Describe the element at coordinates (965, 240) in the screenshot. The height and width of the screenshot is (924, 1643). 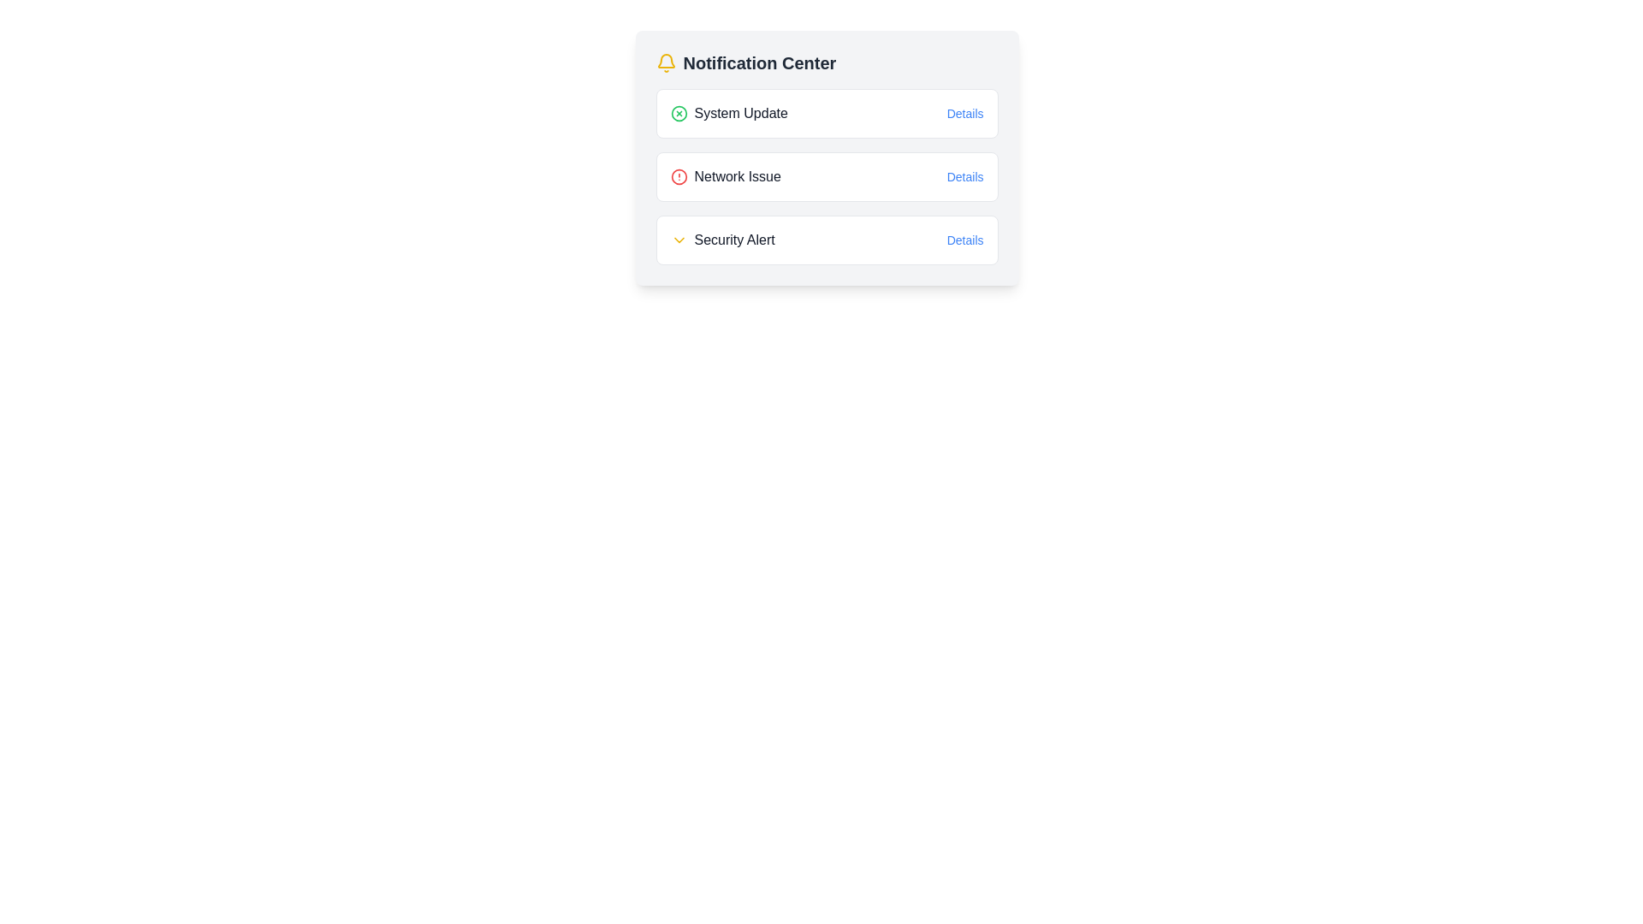
I see `the blue 'Details' hyperlink/button located on the right side of the 'Security Alert' notification entry` at that location.